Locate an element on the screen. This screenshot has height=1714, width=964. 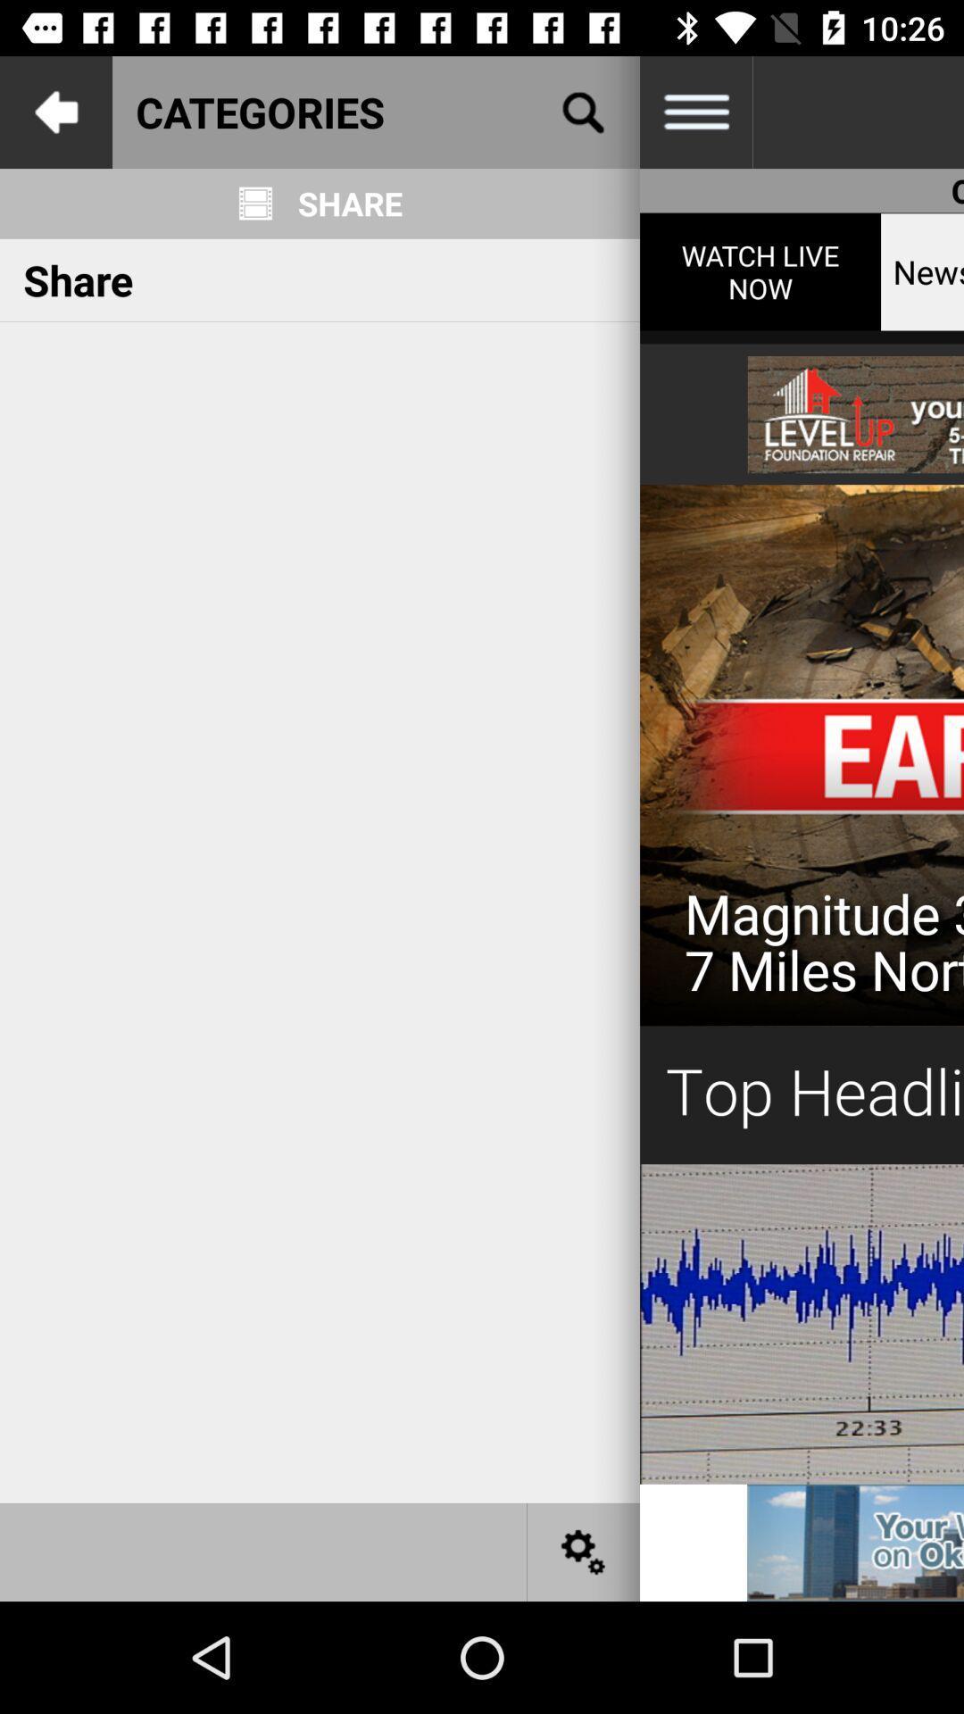
the settings icon is located at coordinates (584, 1551).